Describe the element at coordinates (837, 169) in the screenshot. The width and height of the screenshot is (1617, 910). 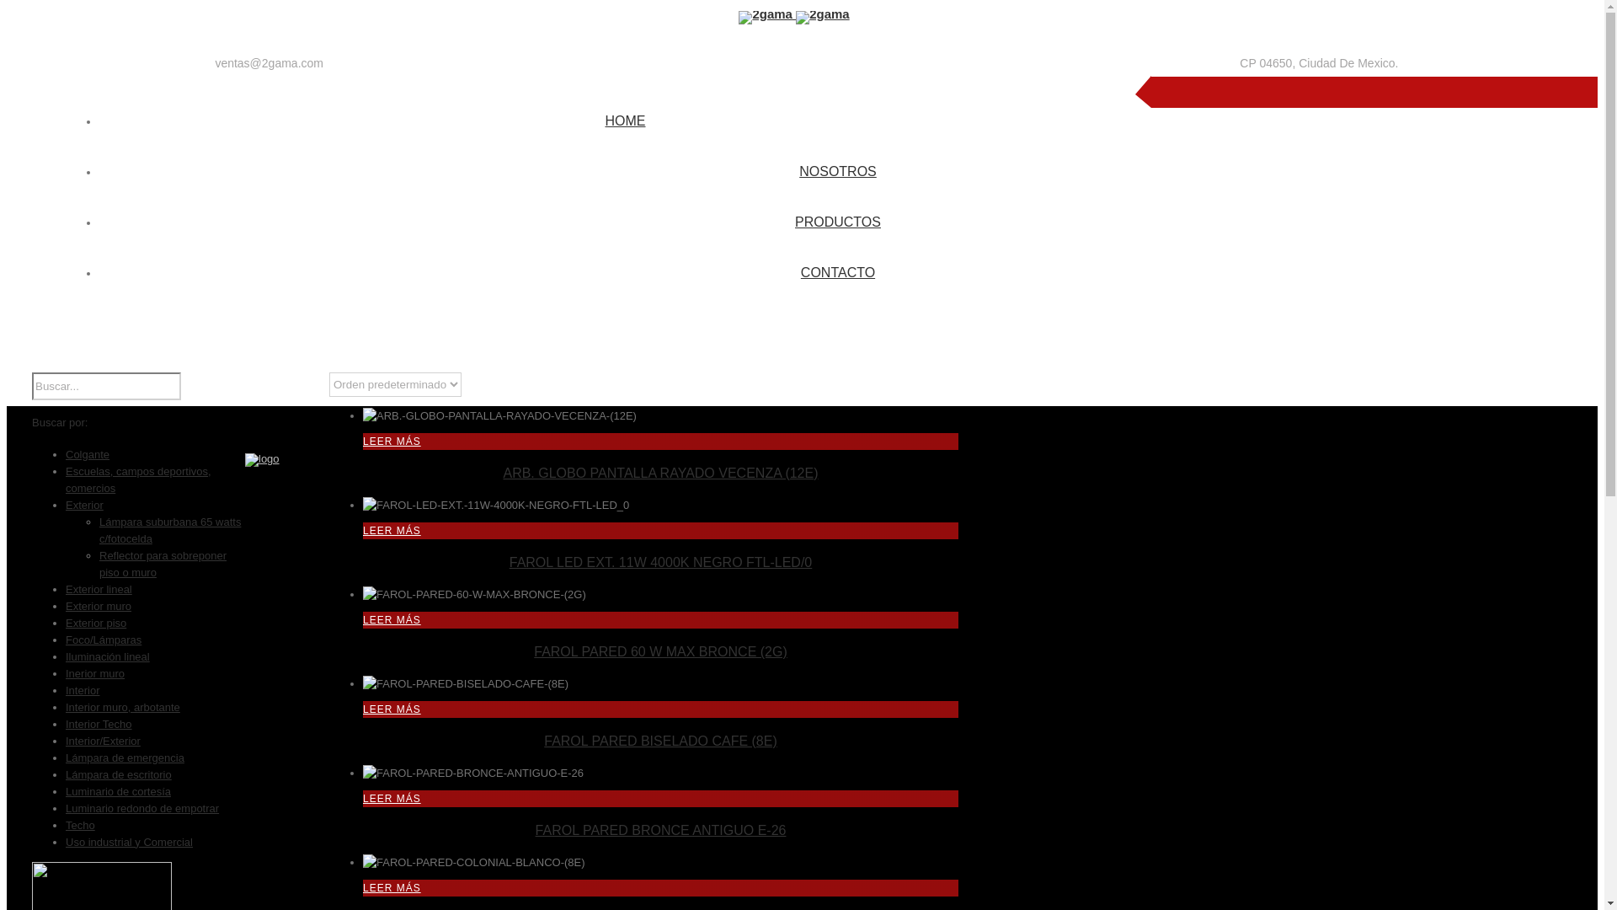
I see `'NOSOTROS'` at that location.